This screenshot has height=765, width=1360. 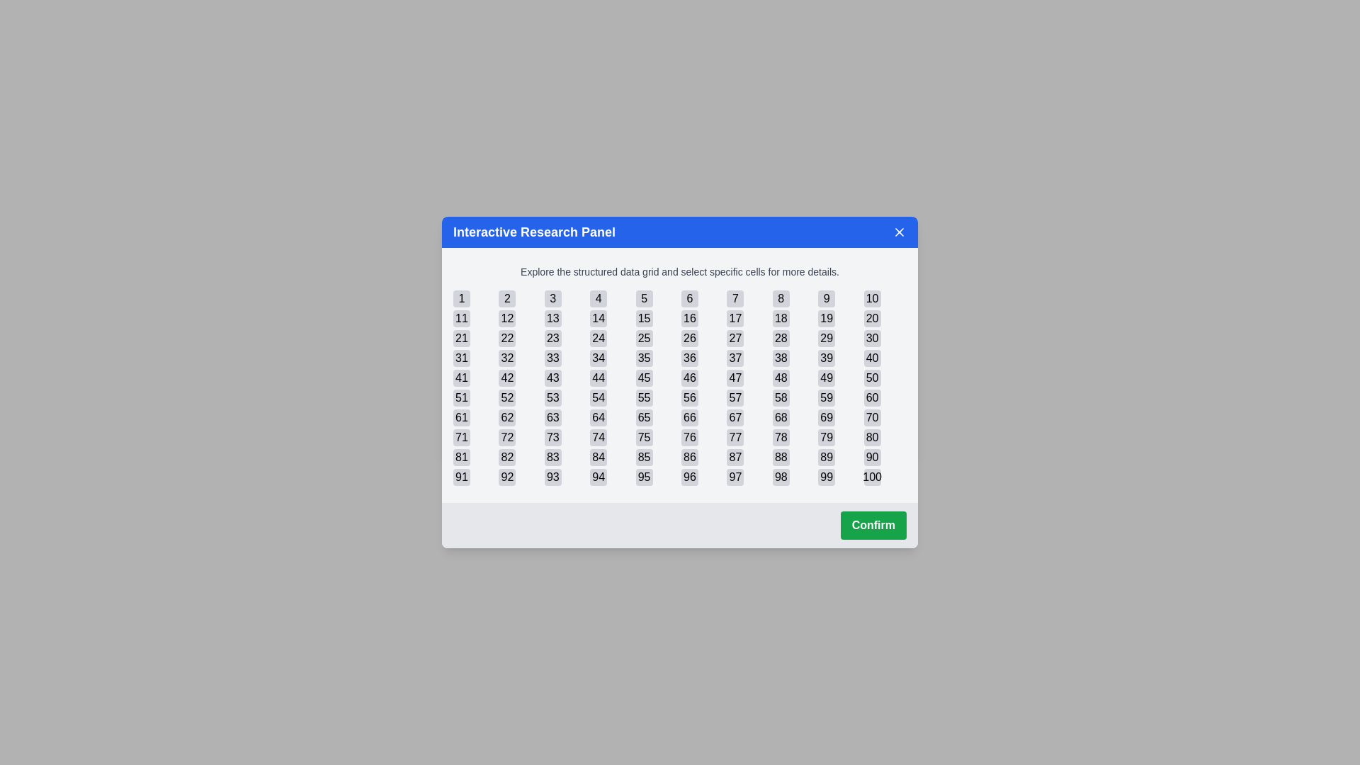 What do you see at coordinates (462, 297) in the screenshot?
I see `the cell with the number 1 in the grid` at bounding box center [462, 297].